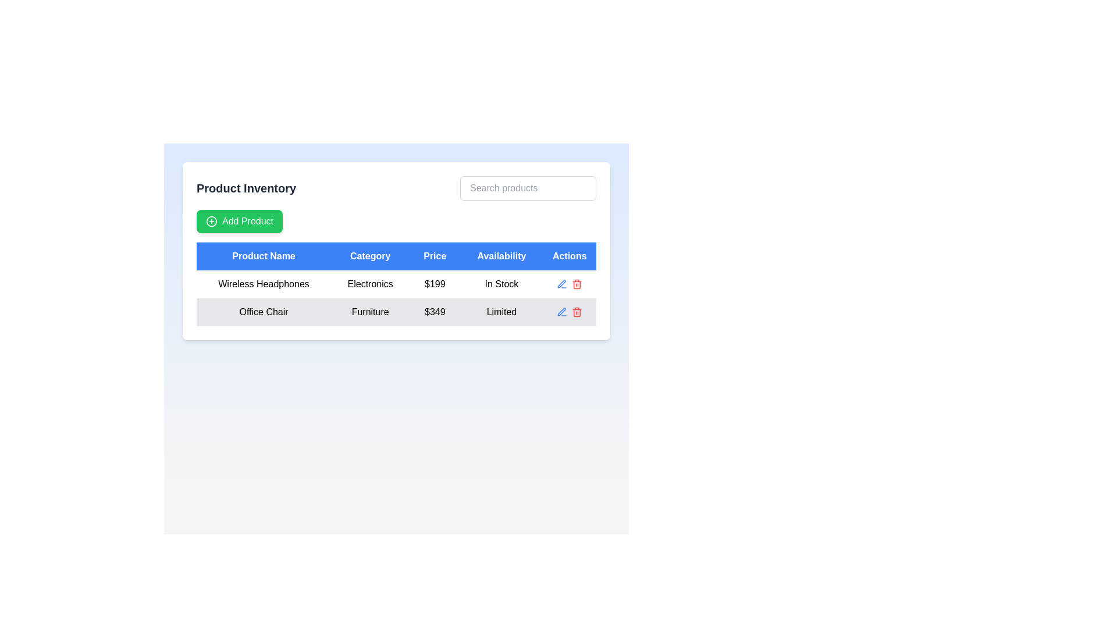 This screenshot has height=628, width=1117. I want to click on the pen-like icon button in the 'Actions' column for the 'Wireless Headphones' entry, so click(561, 311).